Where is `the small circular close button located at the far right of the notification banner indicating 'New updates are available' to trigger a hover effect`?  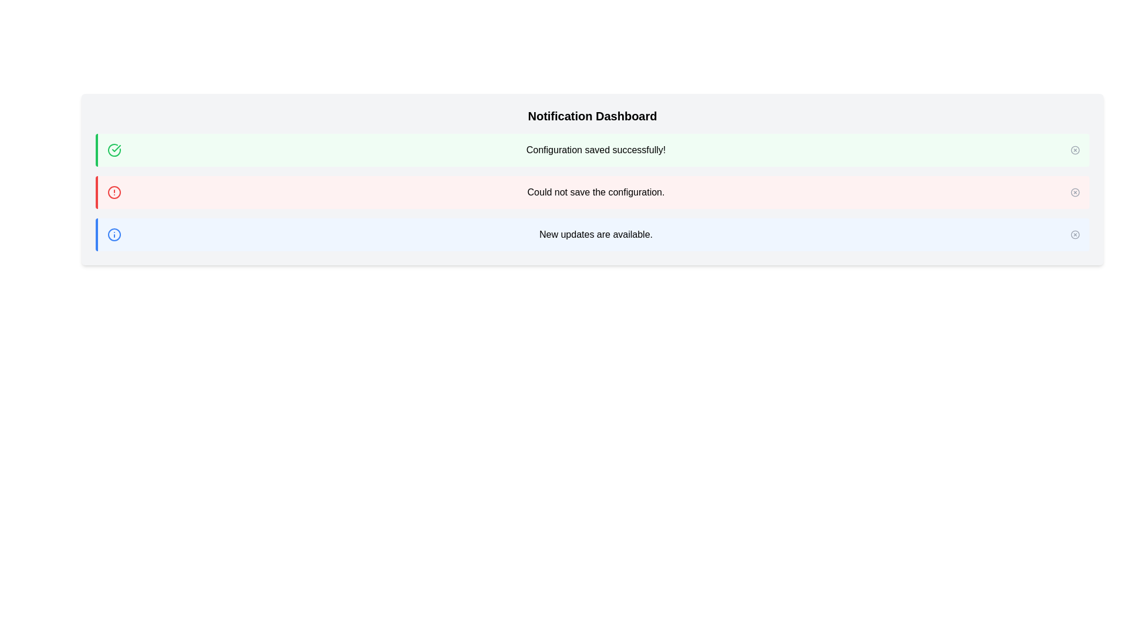
the small circular close button located at the far right of the notification banner indicating 'New updates are available' to trigger a hover effect is located at coordinates (1075, 235).